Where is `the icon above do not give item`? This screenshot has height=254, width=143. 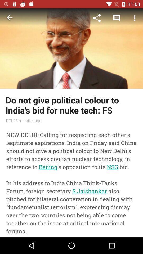 the icon above do not give item is located at coordinates (117, 18).